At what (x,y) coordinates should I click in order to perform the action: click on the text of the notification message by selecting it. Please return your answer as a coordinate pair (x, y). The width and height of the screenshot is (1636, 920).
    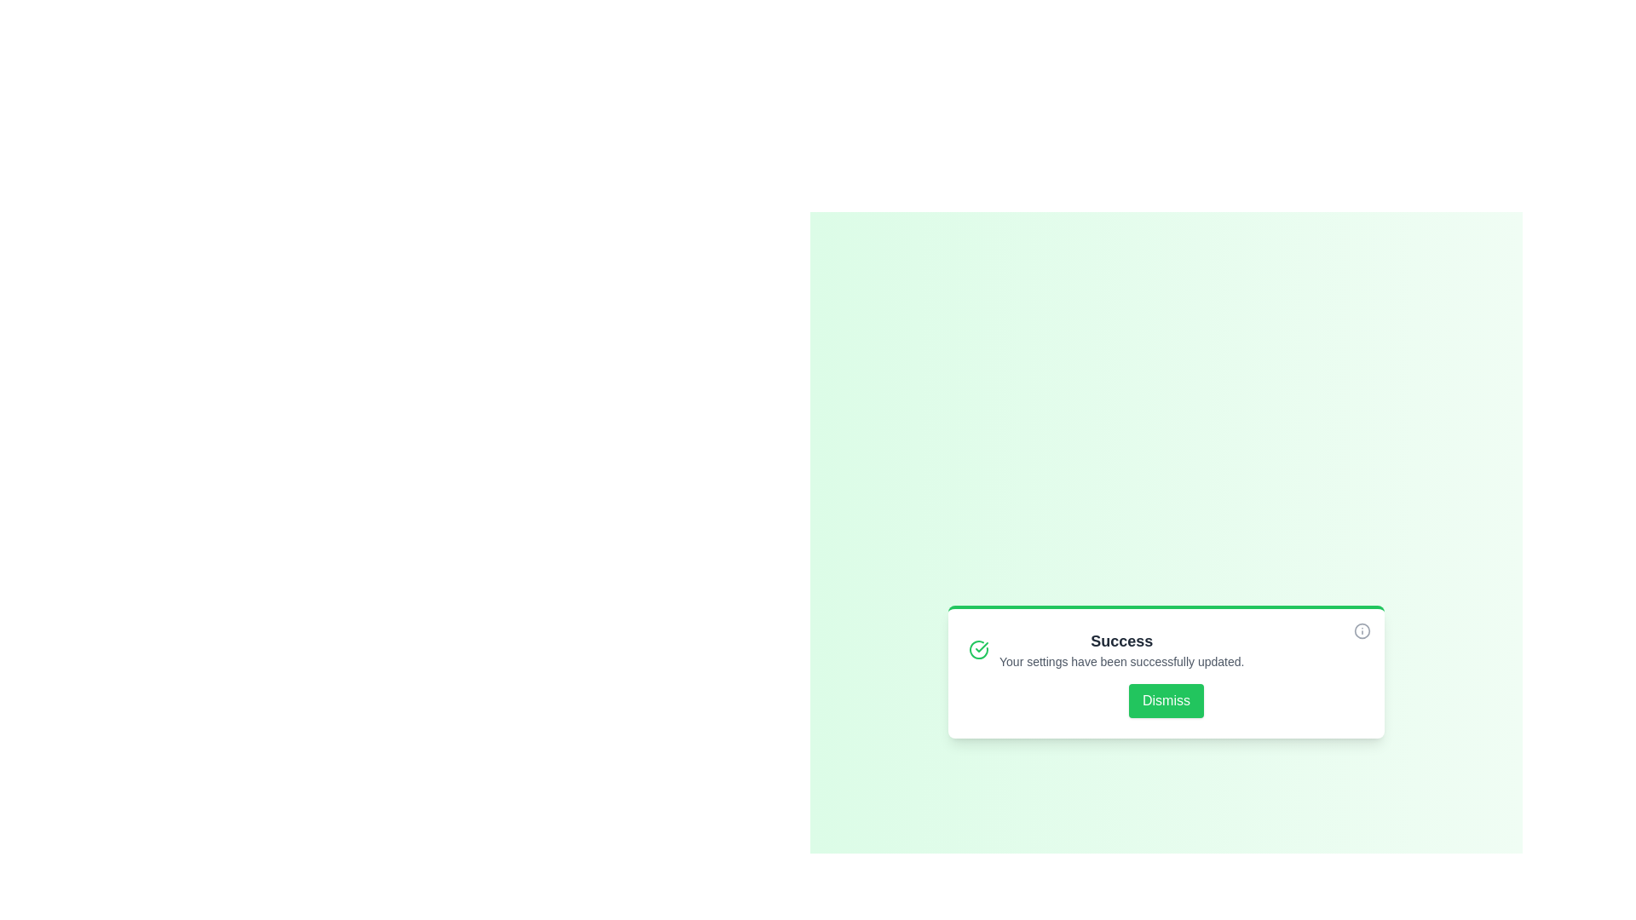
    Looking at the image, I should click on (999, 630).